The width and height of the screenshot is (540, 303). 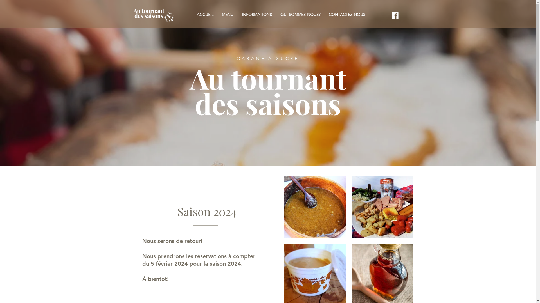 I want to click on 'MENU', so click(x=228, y=14).